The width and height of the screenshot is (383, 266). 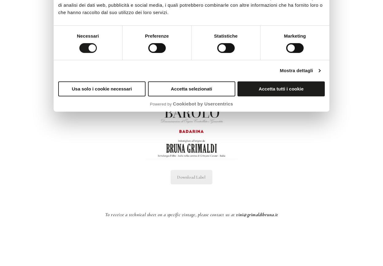 What do you see at coordinates (191, 88) in the screenshot?
I see `'Accetta selezionati'` at bounding box center [191, 88].